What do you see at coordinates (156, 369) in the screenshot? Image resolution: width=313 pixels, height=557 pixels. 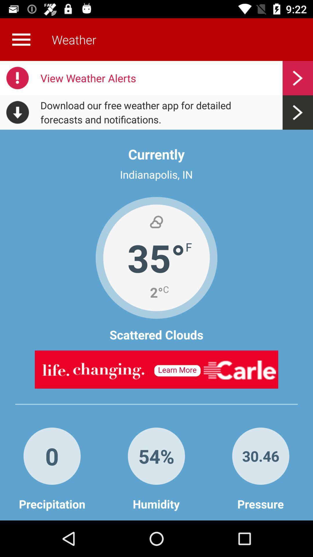 I see `advertisement banner would take off site` at bounding box center [156, 369].